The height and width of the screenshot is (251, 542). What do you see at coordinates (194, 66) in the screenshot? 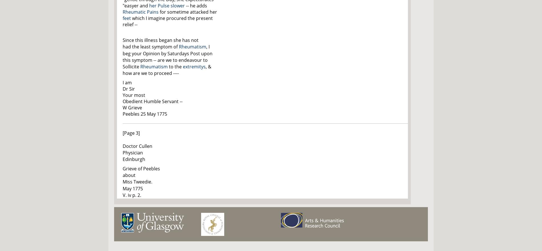
I see `'extremitys'` at bounding box center [194, 66].